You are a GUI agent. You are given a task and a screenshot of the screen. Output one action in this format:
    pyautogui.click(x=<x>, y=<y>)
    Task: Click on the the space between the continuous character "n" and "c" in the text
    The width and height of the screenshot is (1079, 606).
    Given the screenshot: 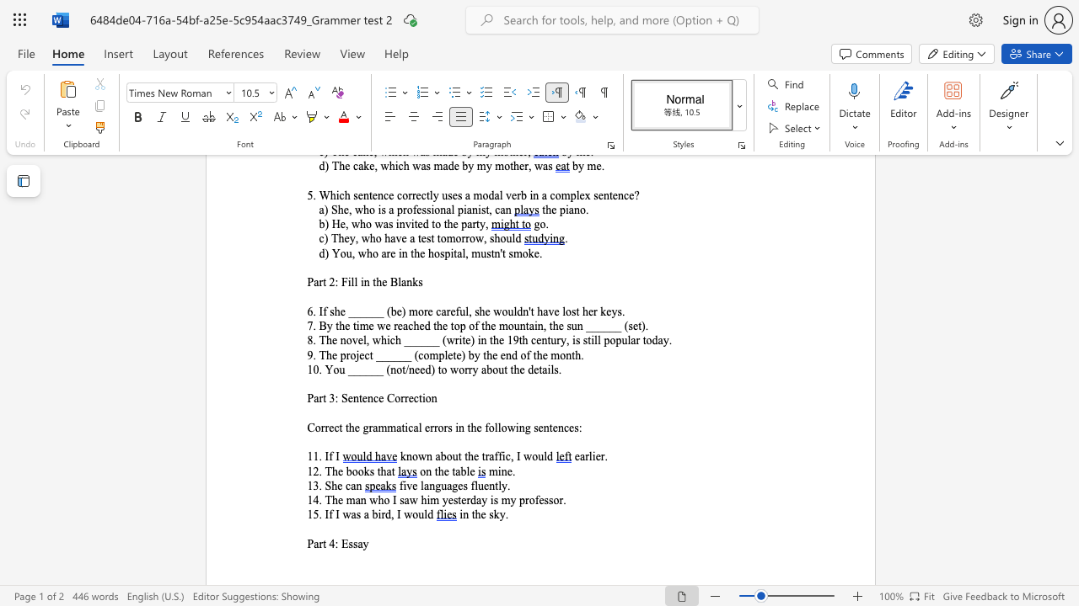 What is the action you would take?
    pyautogui.click(x=372, y=398)
    